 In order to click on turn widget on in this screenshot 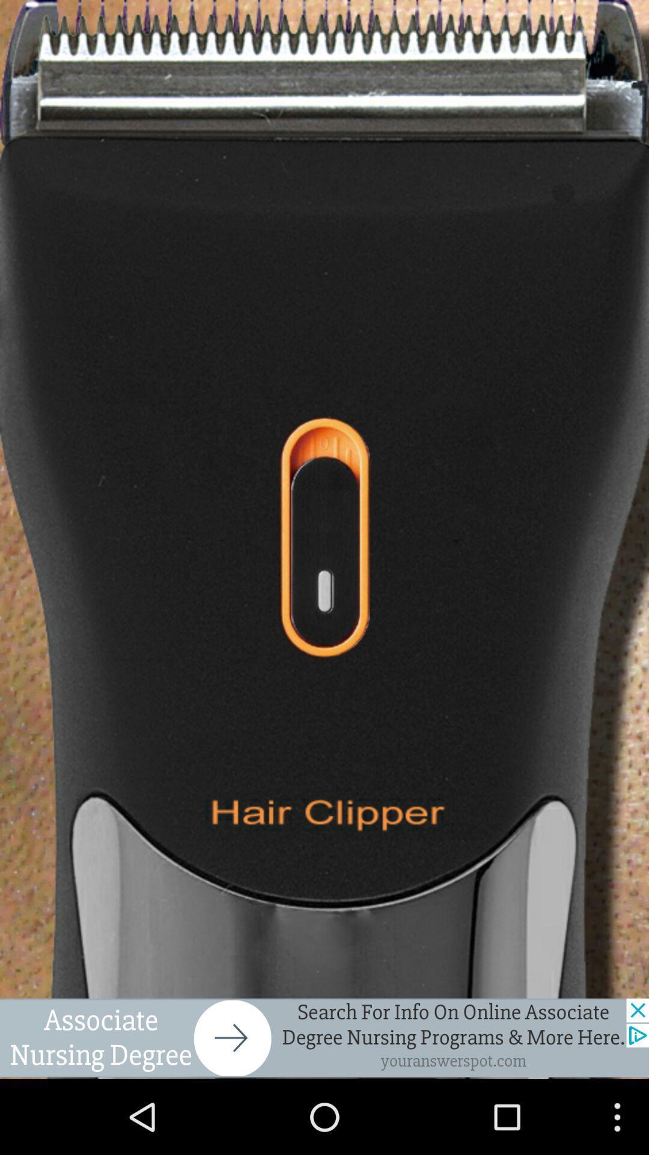, I will do `click(324, 539)`.